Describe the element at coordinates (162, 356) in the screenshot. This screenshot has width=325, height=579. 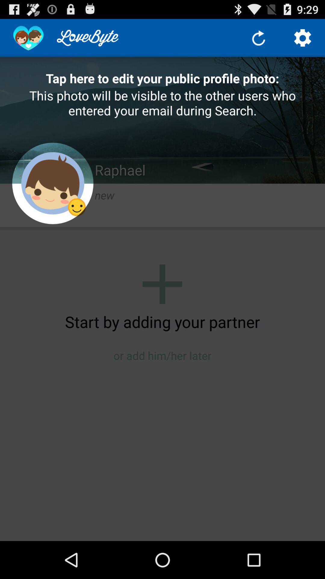
I see `the or add him app` at that location.